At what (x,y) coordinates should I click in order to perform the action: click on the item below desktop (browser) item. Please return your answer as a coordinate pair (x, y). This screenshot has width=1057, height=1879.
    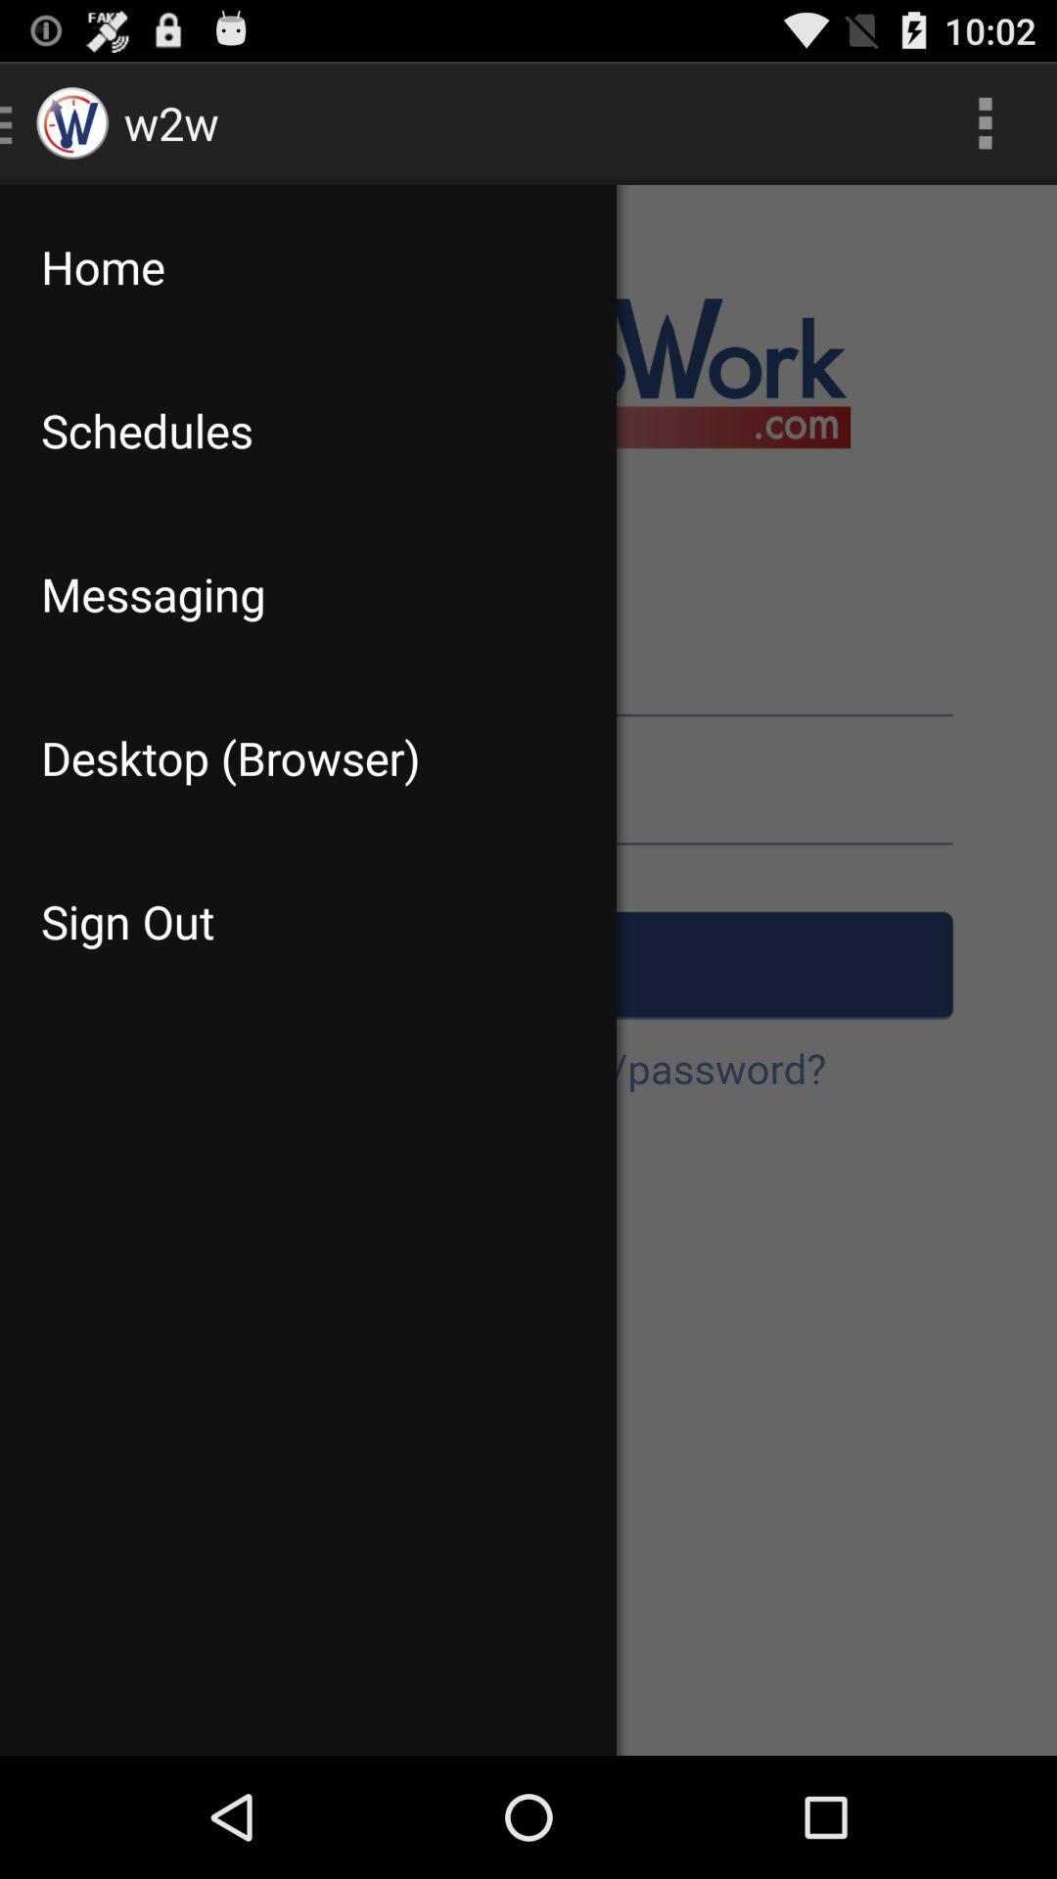
    Looking at the image, I should click on (308, 920).